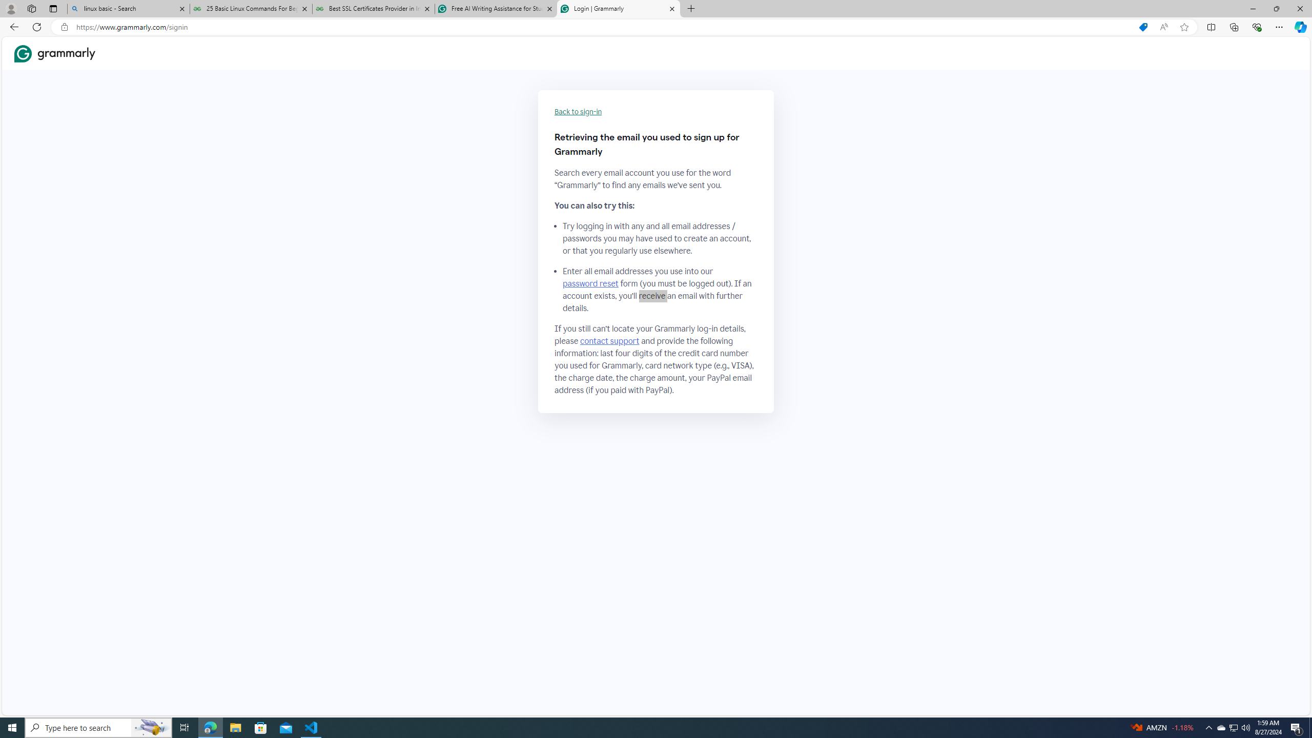  What do you see at coordinates (578, 112) in the screenshot?
I see `'Back to sign-in'` at bounding box center [578, 112].